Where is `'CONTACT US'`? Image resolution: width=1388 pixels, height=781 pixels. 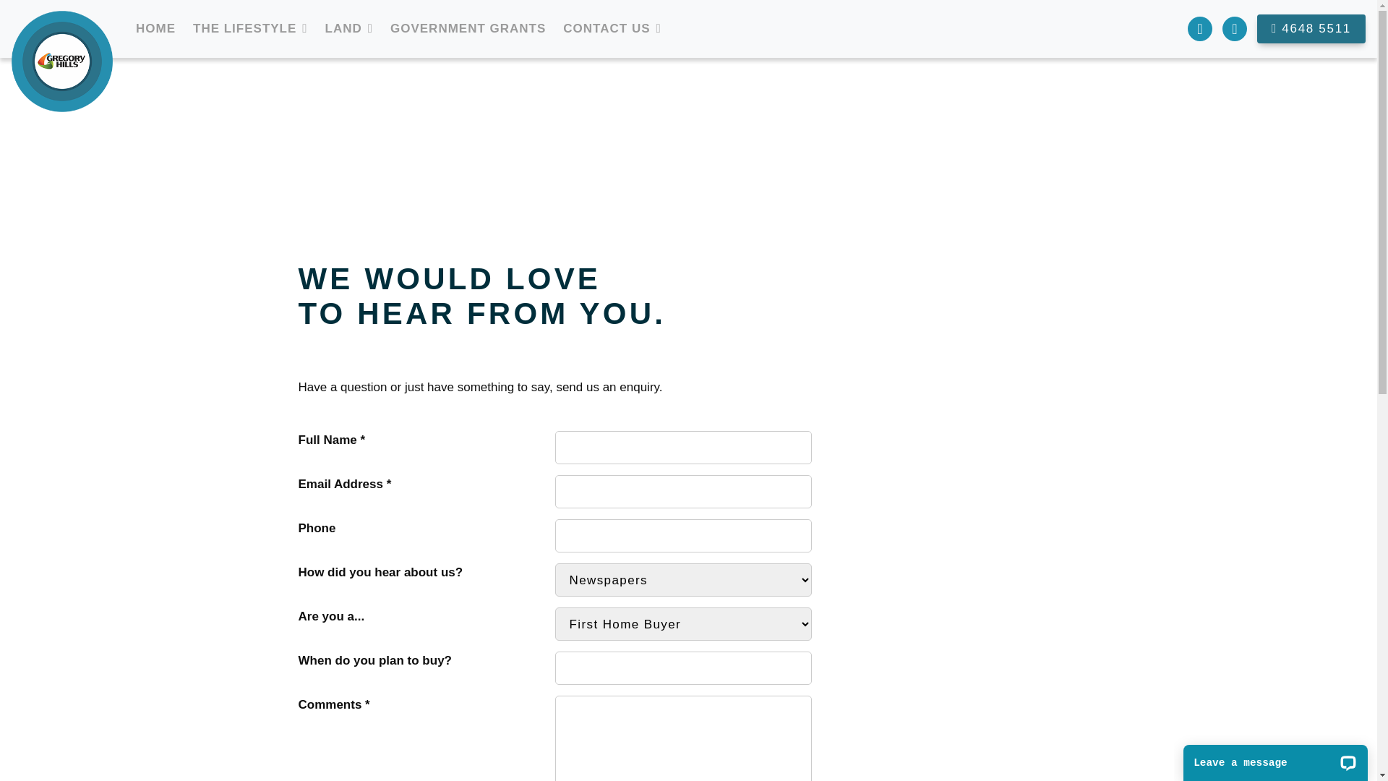
'CONTACT US' is located at coordinates (557, 28).